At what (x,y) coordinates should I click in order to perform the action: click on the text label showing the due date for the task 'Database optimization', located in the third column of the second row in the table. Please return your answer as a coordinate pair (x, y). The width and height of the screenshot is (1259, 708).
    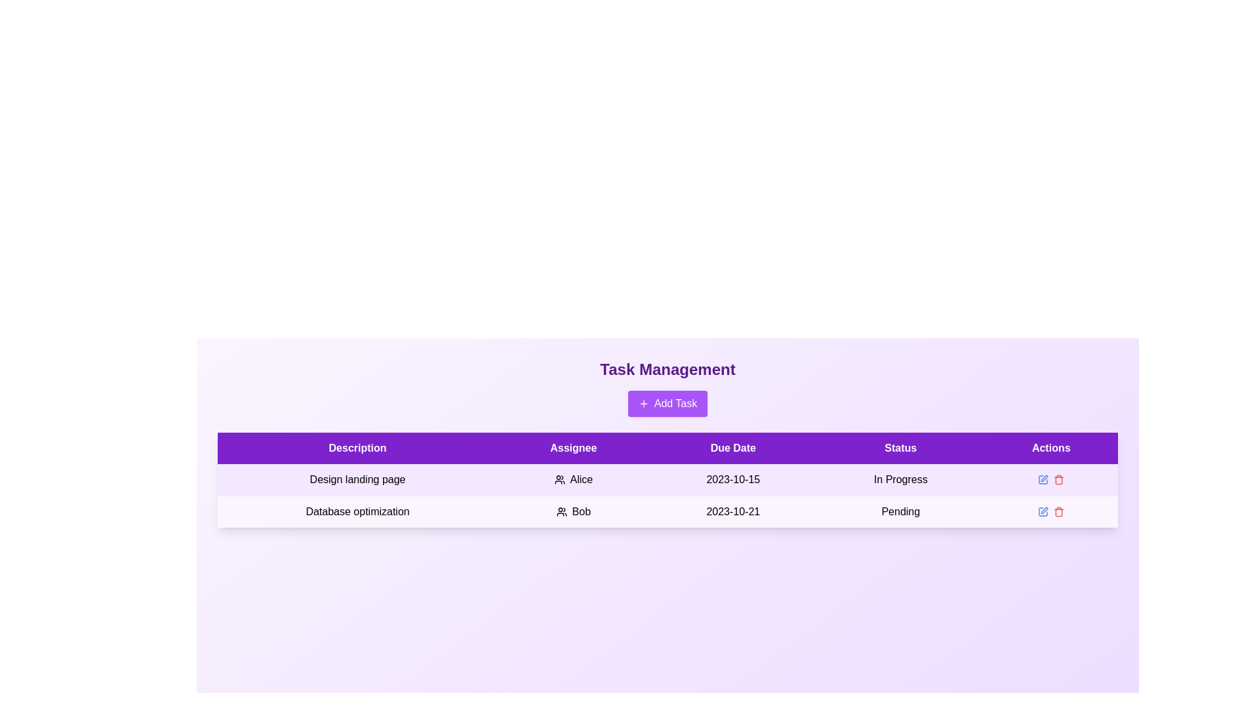
    Looking at the image, I should click on (732, 511).